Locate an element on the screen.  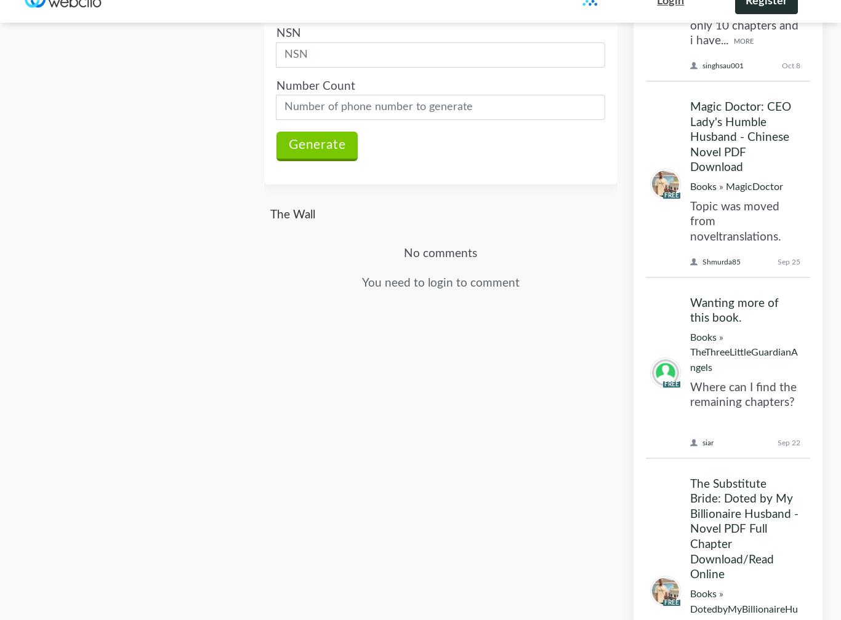
'Books' is located at coordinates (703, 205).